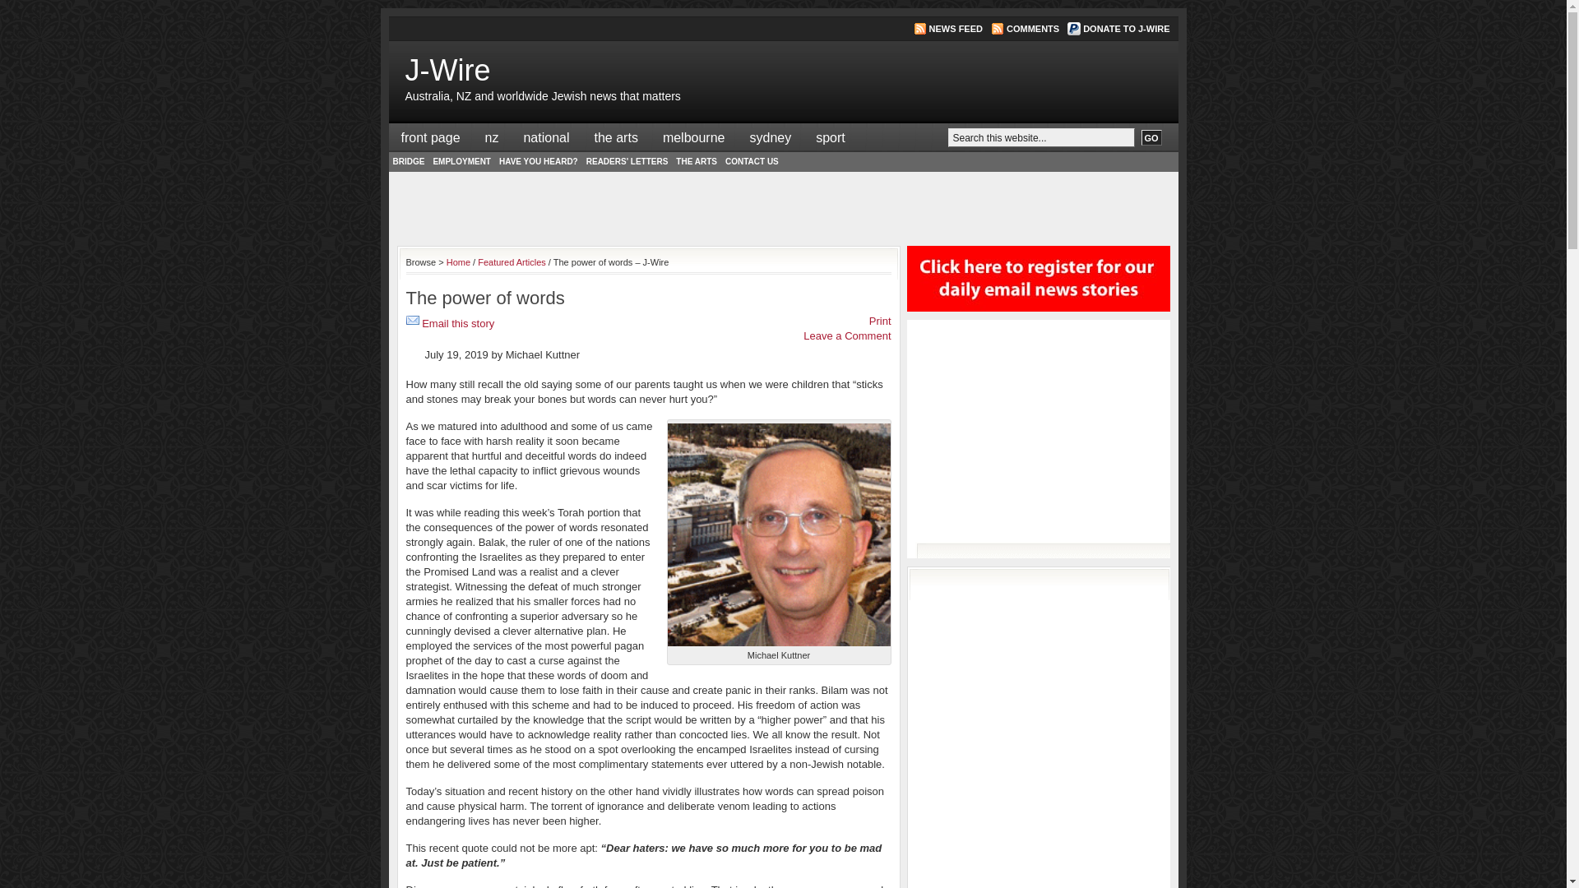 The width and height of the screenshot is (1579, 888). Describe the element at coordinates (1082, 28) in the screenshot. I see `'DONATE TO J-WIRE'` at that location.